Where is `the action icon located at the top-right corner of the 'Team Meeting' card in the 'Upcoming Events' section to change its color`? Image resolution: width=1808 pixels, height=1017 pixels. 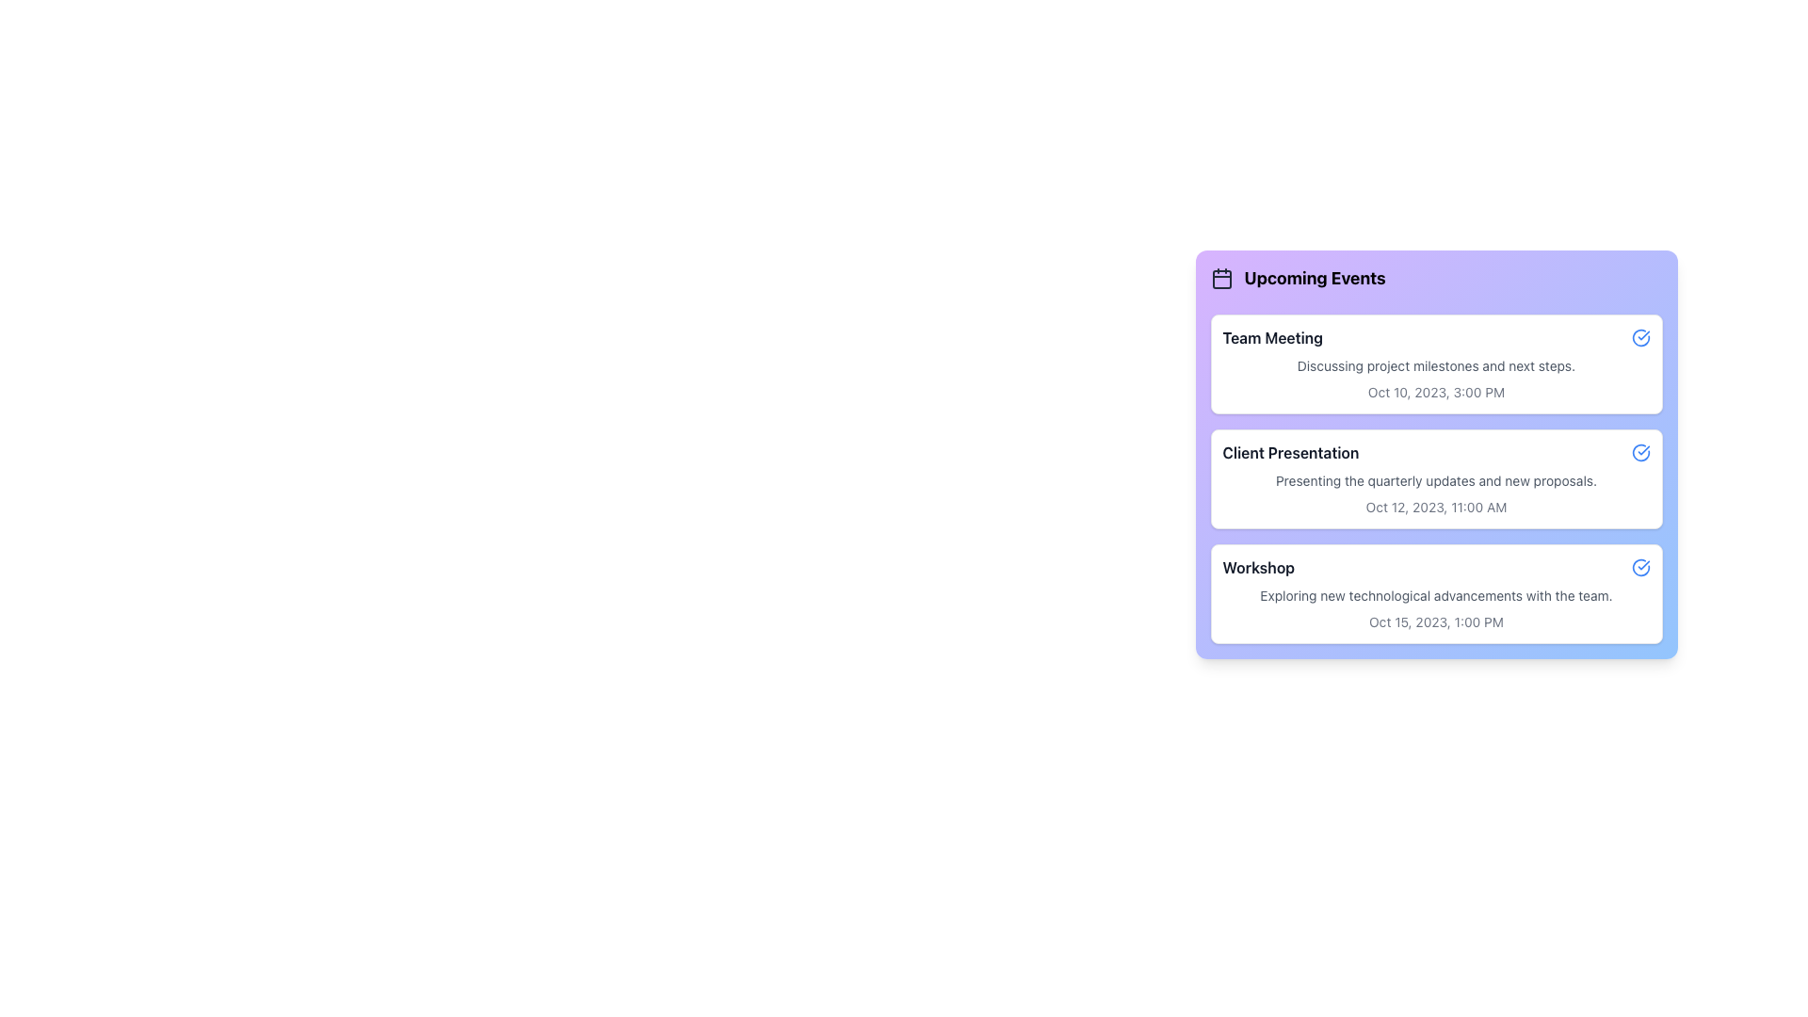 the action icon located at the top-right corner of the 'Team Meeting' card in the 'Upcoming Events' section to change its color is located at coordinates (1639, 336).